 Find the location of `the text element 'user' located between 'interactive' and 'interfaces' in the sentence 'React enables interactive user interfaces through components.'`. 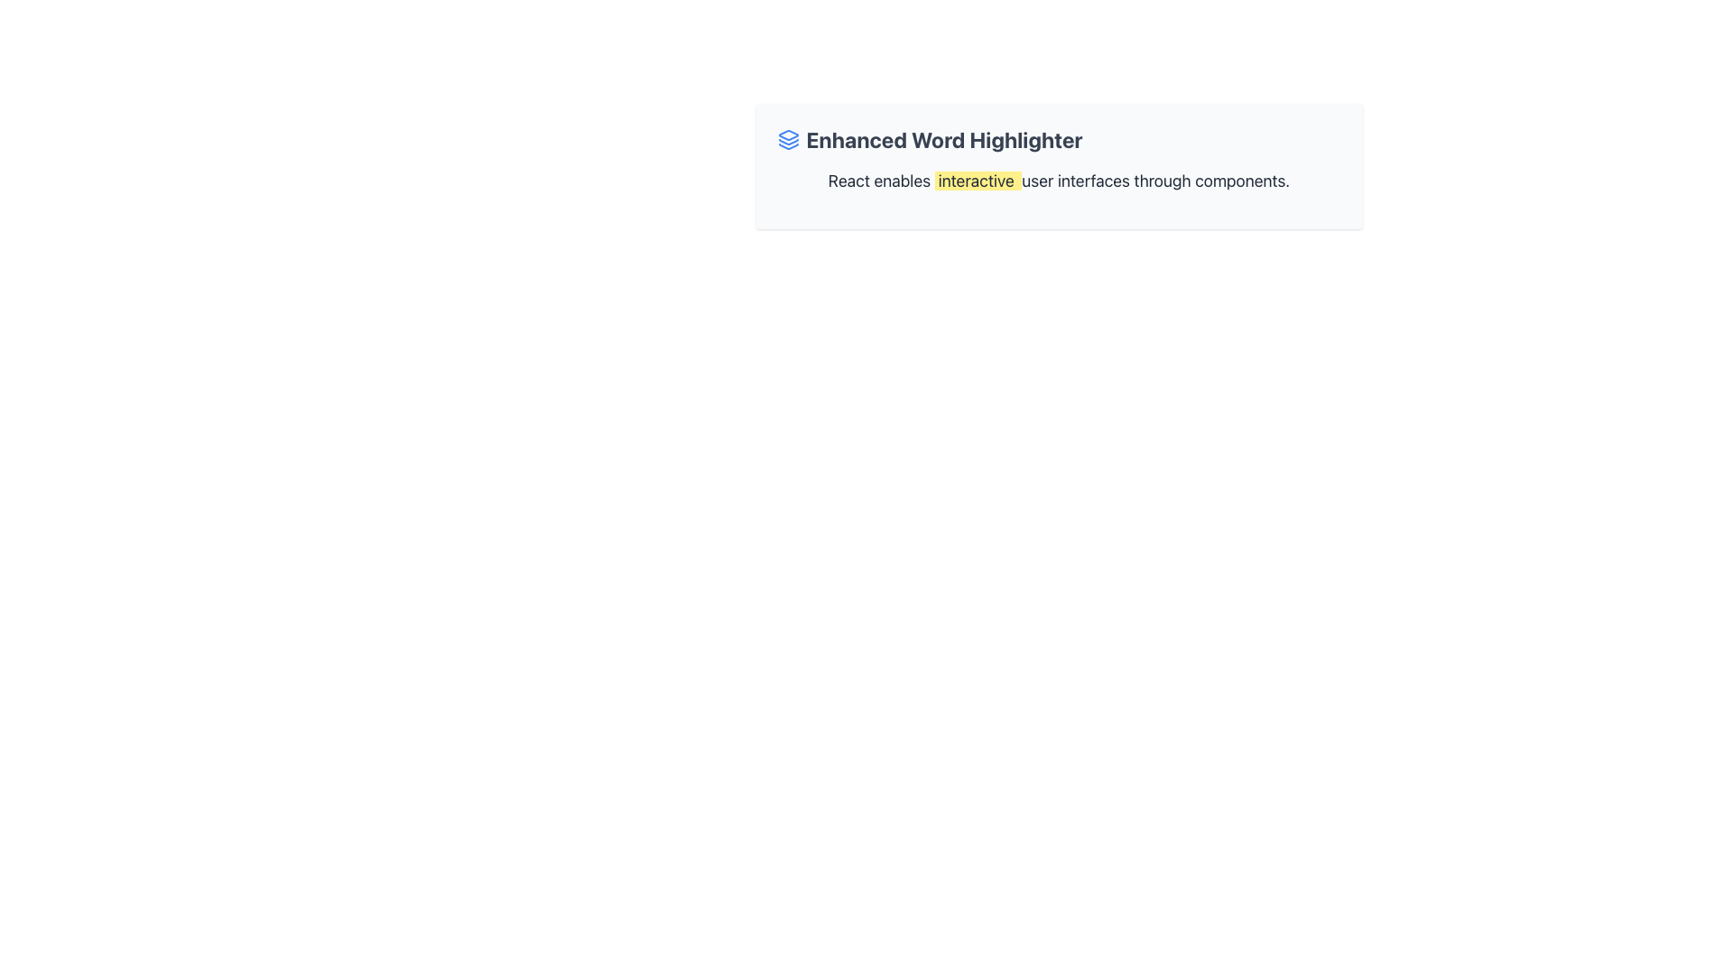

the text element 'user' located between 'interactive' and 'interfaces' in the sentence 'React enables interactive user interfaces through components.' is located at coordinates (1040, 181).